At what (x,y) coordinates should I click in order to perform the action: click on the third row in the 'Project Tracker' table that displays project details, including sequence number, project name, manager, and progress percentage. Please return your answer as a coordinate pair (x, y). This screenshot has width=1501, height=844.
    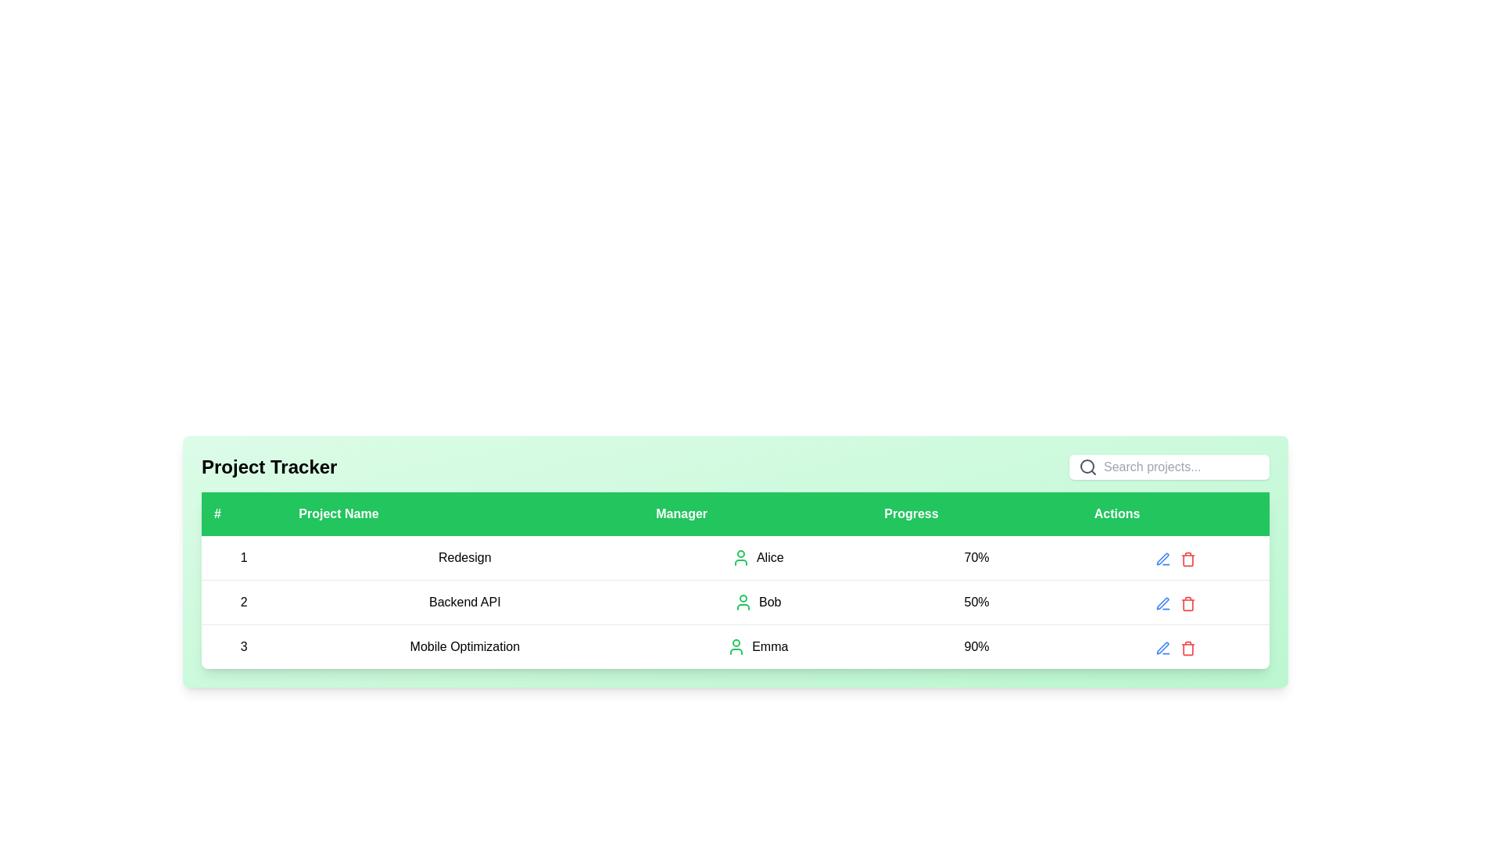
    Looking at the image, I should click on (734, 646).